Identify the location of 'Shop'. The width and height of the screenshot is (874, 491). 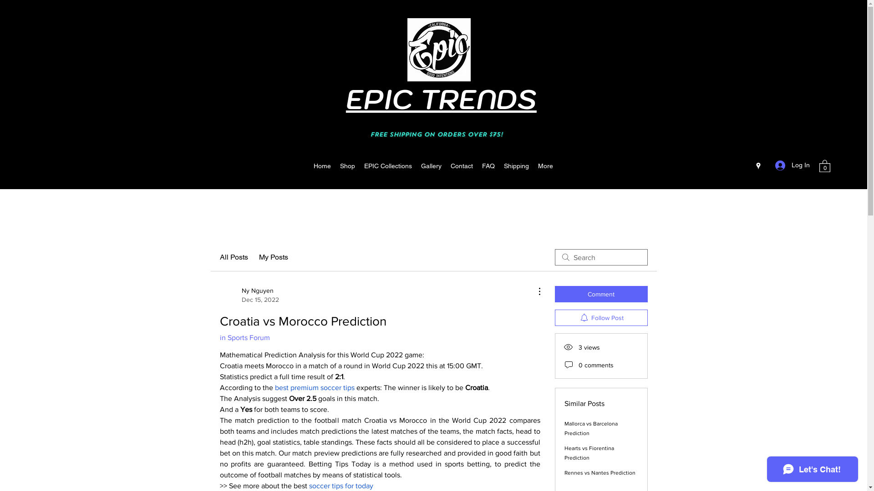
(347, 166).